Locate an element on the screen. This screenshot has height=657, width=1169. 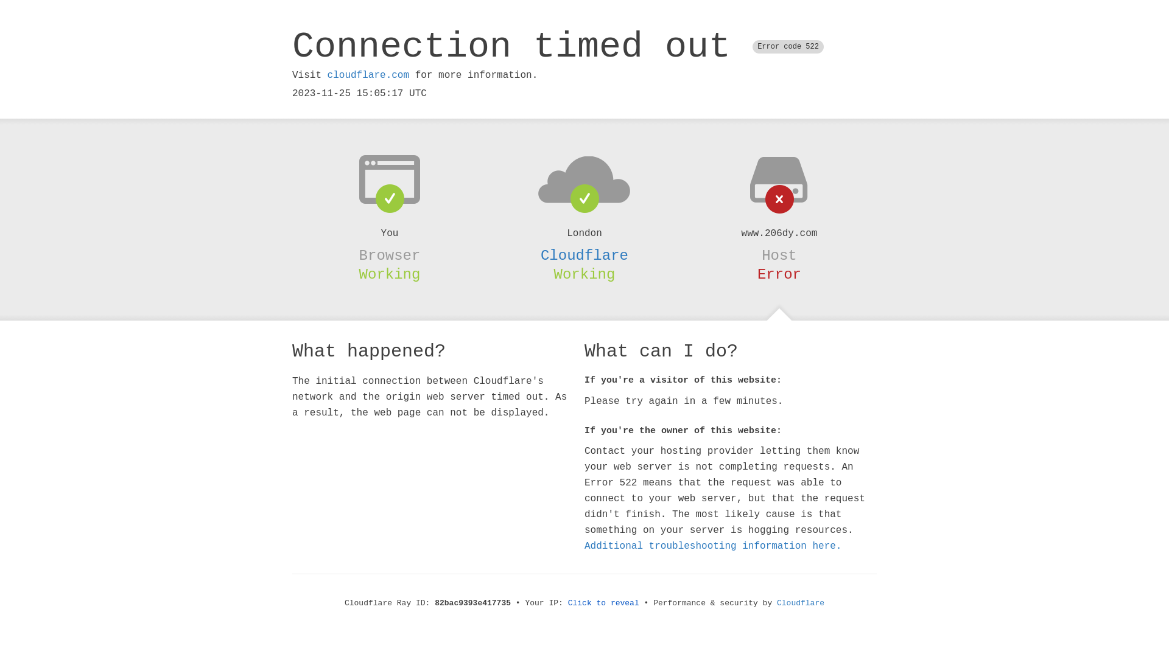
'Cloudflare' is located at coordinates (801, 603).